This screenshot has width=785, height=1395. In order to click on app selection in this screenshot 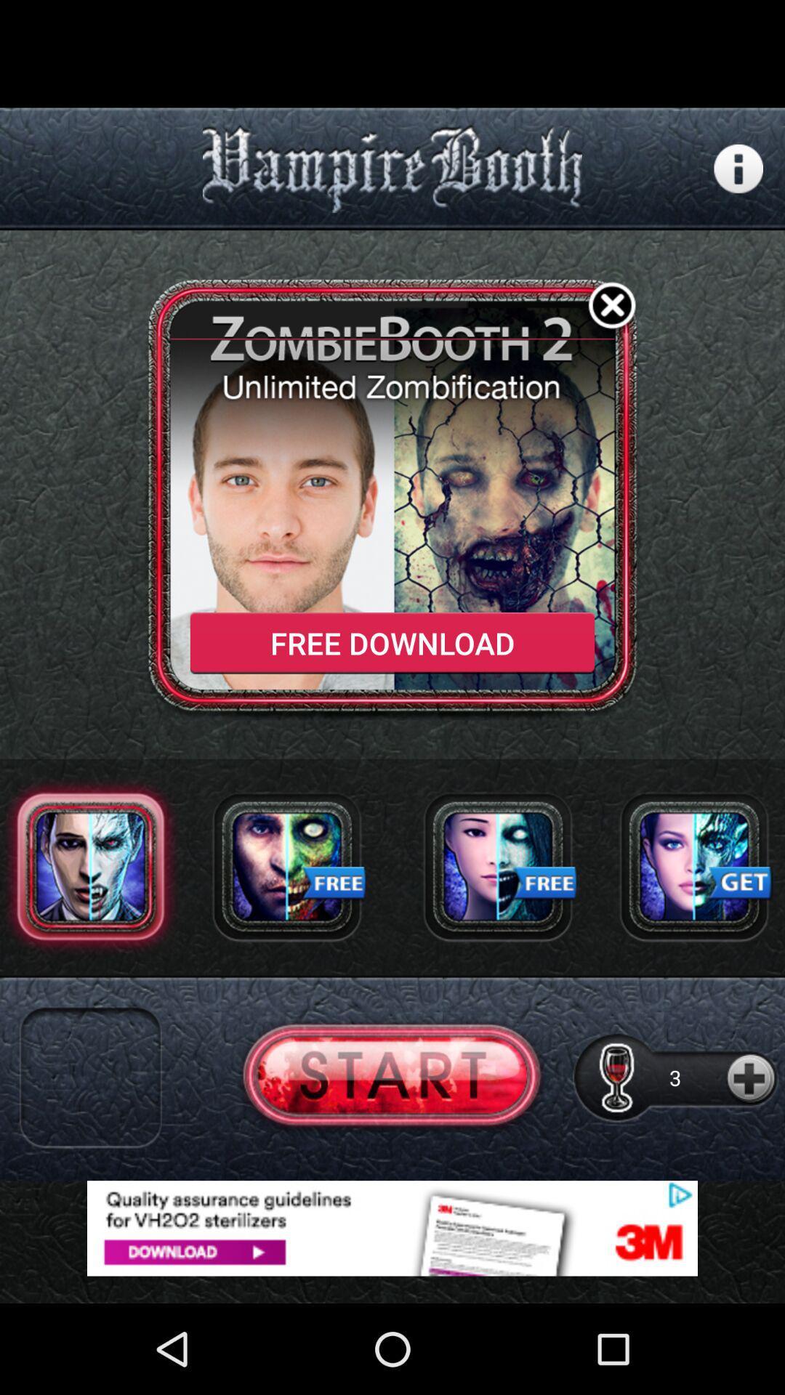, I will do `click(90, 1077)`.